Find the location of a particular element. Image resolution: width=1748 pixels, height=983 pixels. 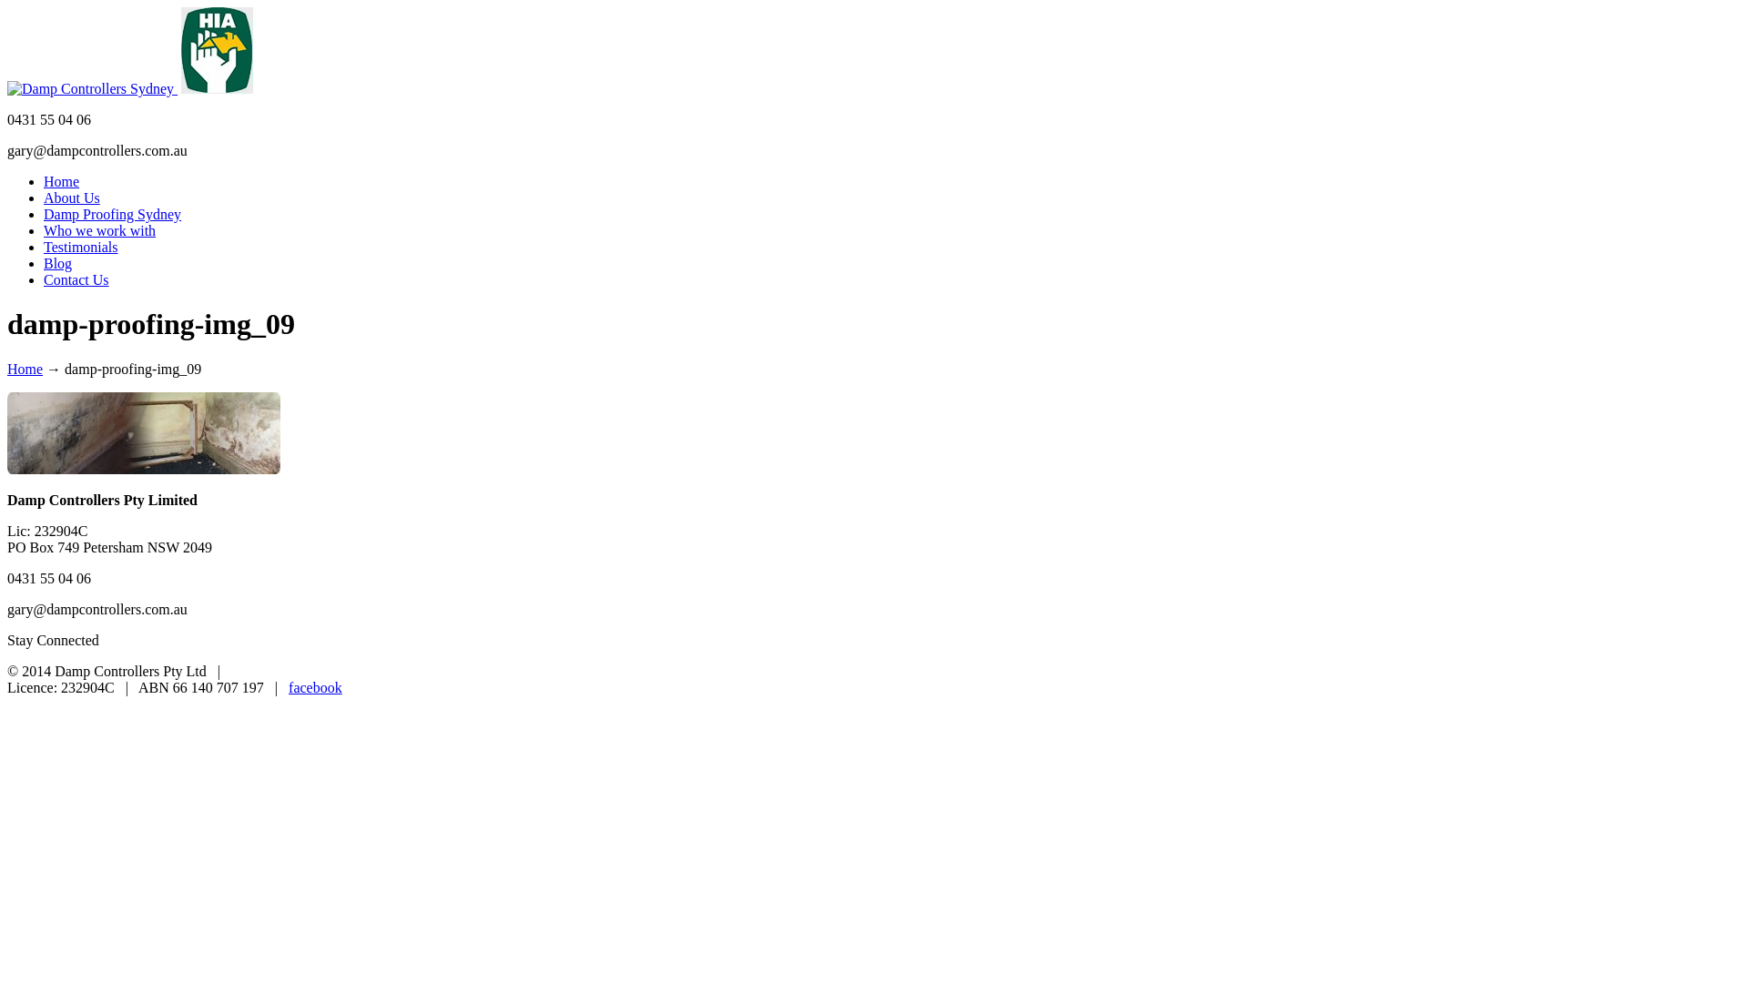

'Damp Controllers Sydney' is located at coordinates (91, 88).